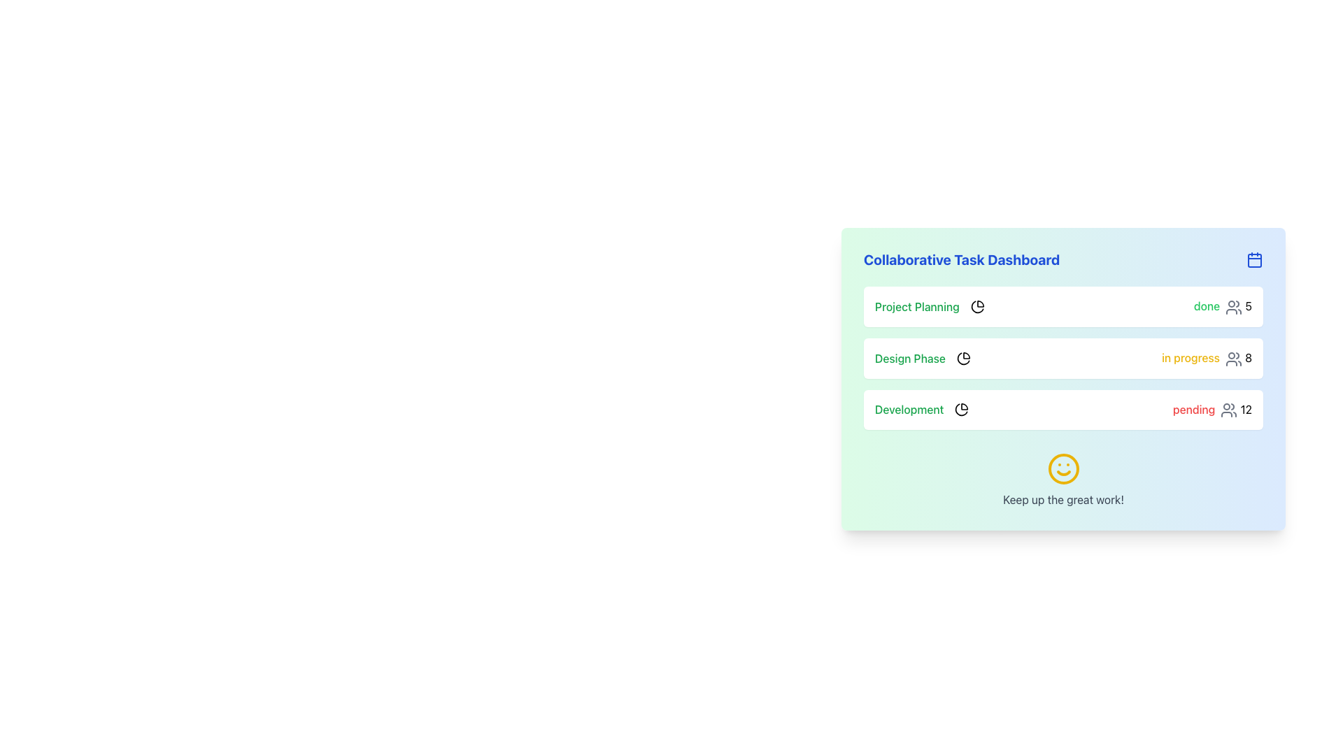 The image size is (1343, 755). What do you see at coordinates (1255, 259) in the screenshot?
I see `the calendar icon located to the right of the 'Collaborative Task Dashboard' title` at bounding box center [1255, 259].